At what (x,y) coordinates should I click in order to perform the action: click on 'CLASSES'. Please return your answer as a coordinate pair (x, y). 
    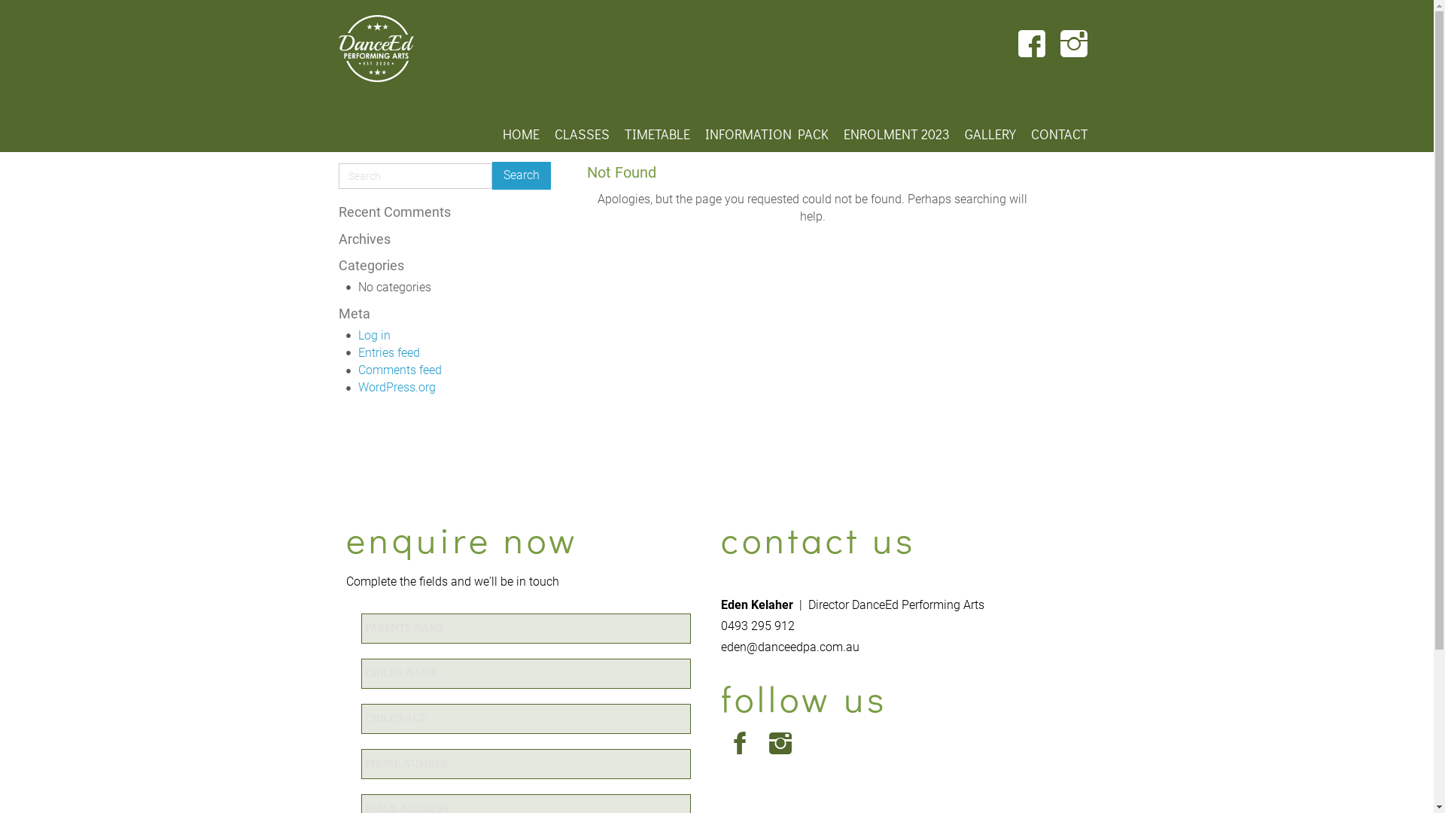
    Looking at the image, I should click on (545, 133).